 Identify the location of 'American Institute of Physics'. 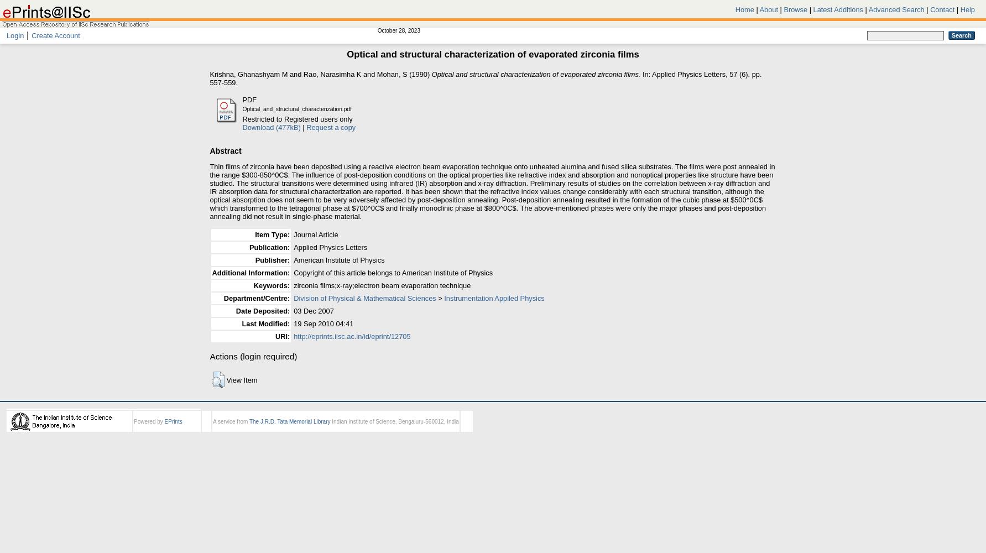
(338, 259).